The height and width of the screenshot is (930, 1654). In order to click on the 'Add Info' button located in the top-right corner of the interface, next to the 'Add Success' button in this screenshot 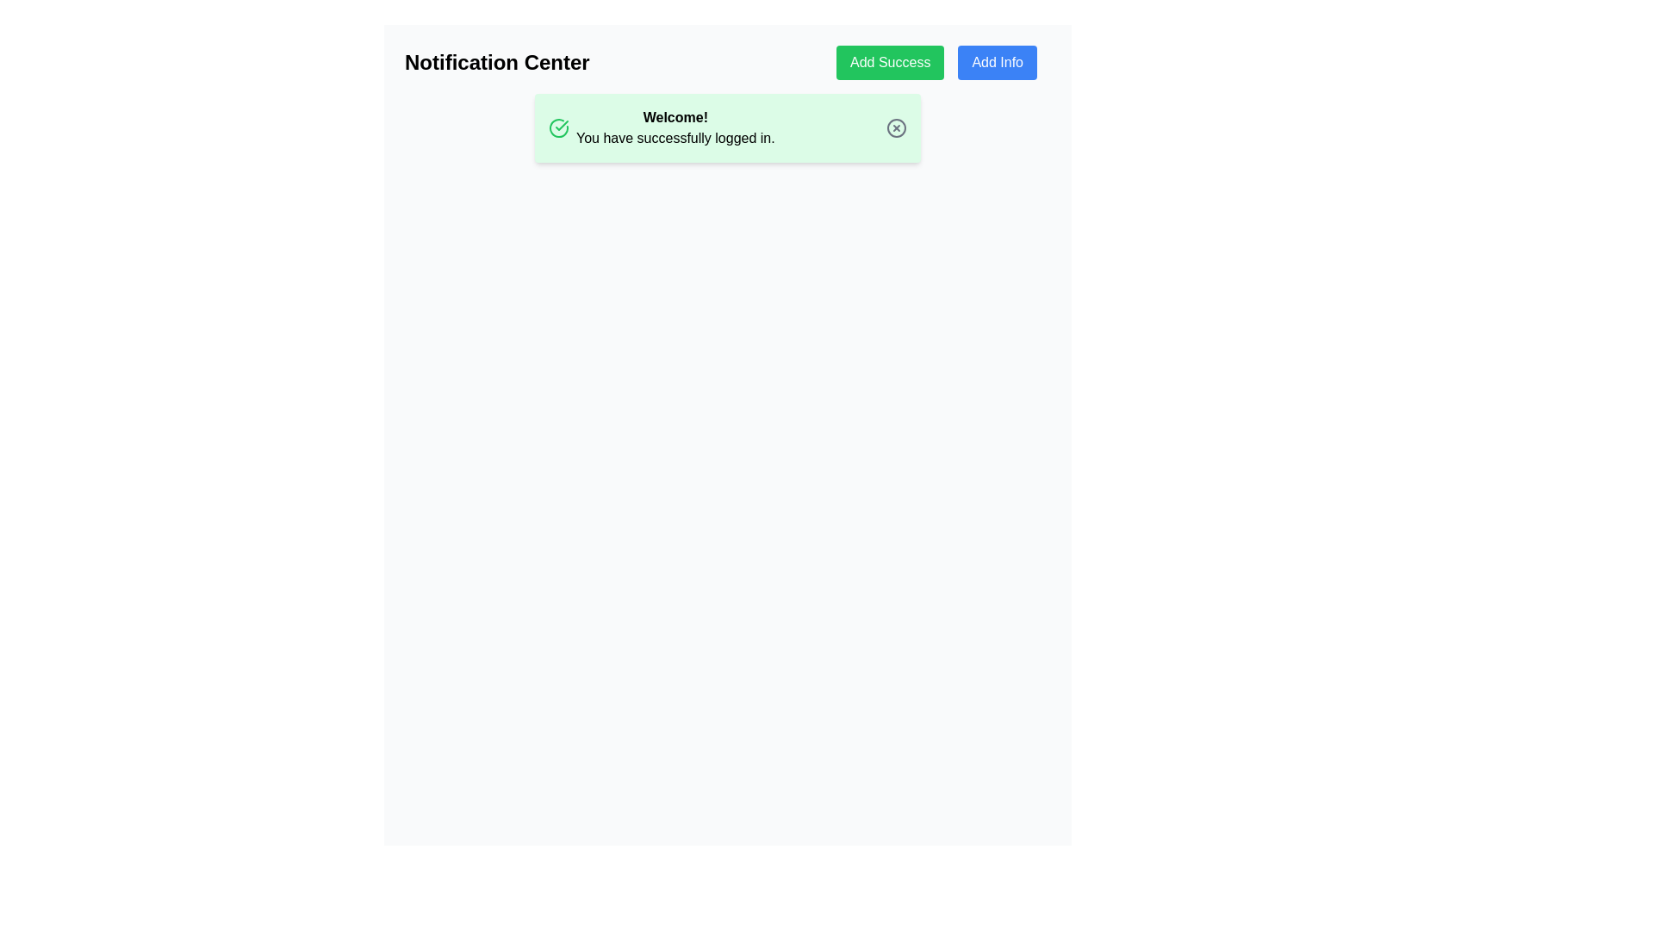, I will do `click(998, 62)`.